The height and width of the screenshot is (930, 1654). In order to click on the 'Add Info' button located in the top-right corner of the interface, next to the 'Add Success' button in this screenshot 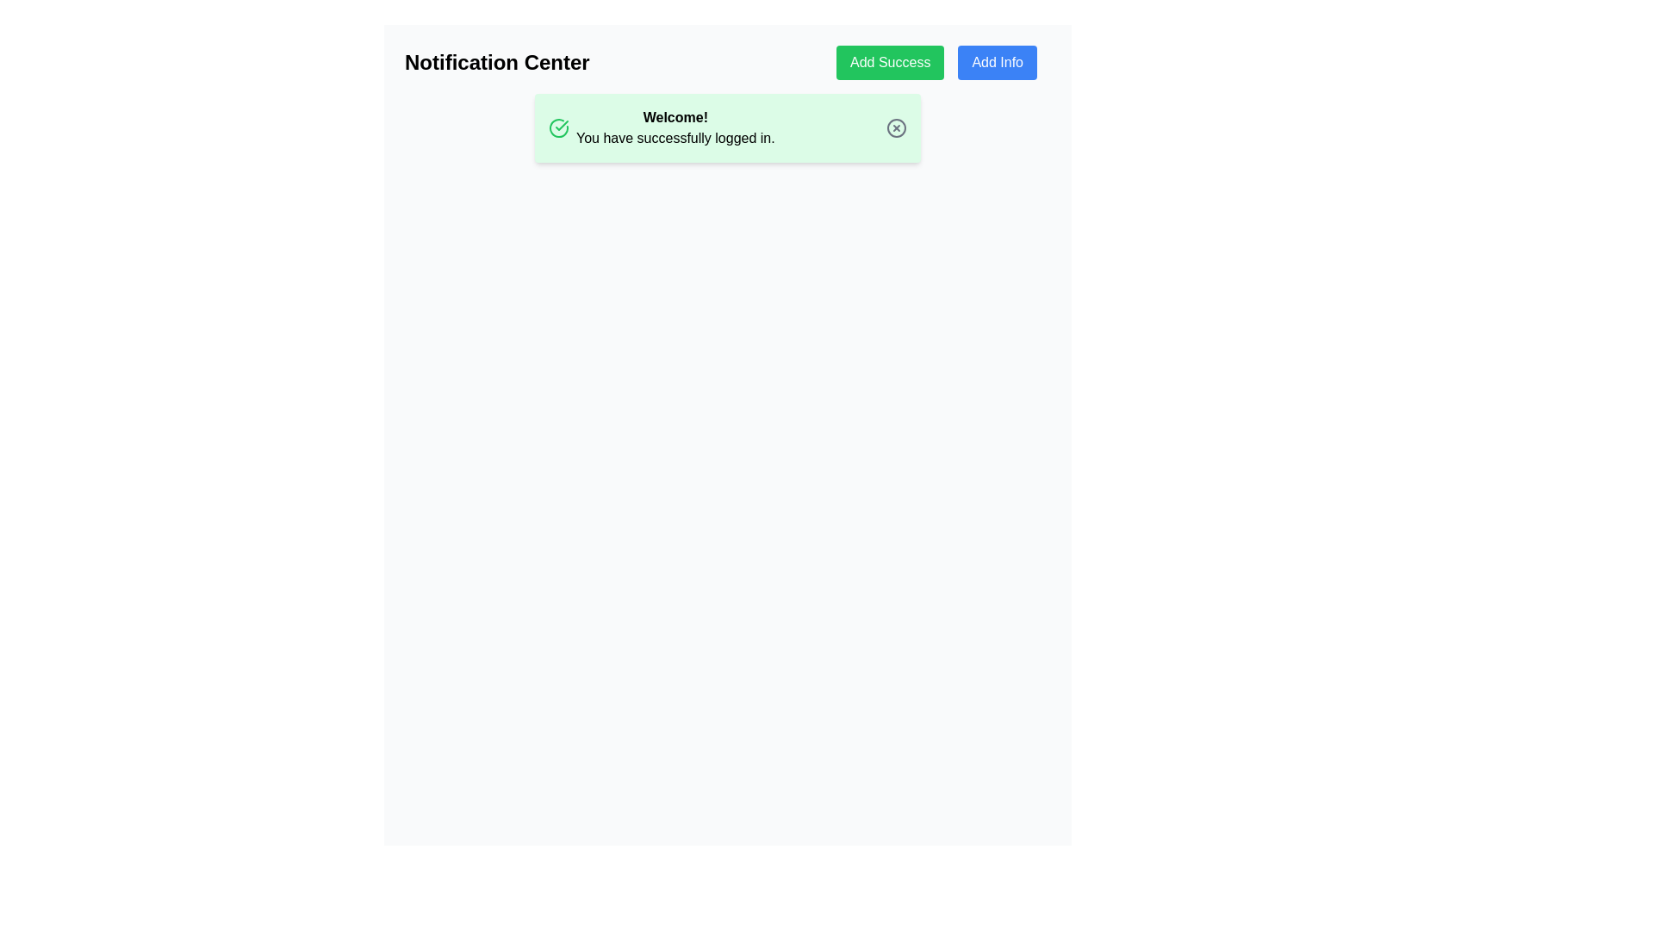, I will do `click(998, 62)`.